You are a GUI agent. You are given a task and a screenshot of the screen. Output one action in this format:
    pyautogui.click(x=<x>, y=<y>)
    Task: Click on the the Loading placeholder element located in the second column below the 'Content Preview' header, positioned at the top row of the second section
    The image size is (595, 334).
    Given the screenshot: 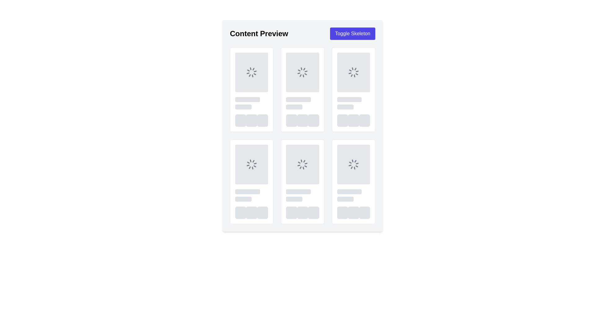 What is the action you would take?
    pyautogui.click(x=298, y=99)
    